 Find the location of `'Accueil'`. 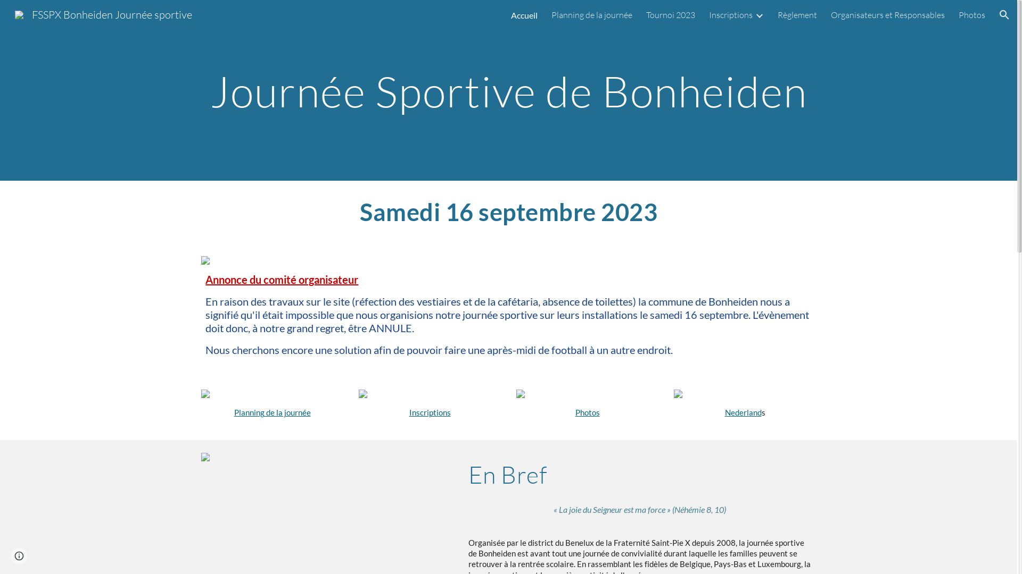

'Accueil' is located at coordinates (524, 14).